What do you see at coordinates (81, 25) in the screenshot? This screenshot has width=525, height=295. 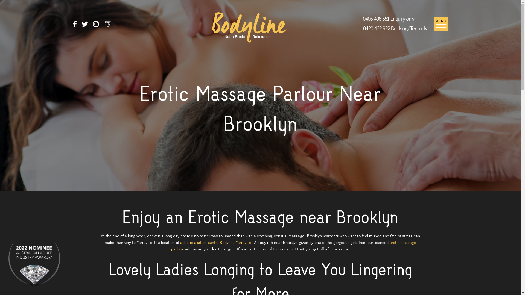 I see `'Twitter'` at bounding box center [81, 25].